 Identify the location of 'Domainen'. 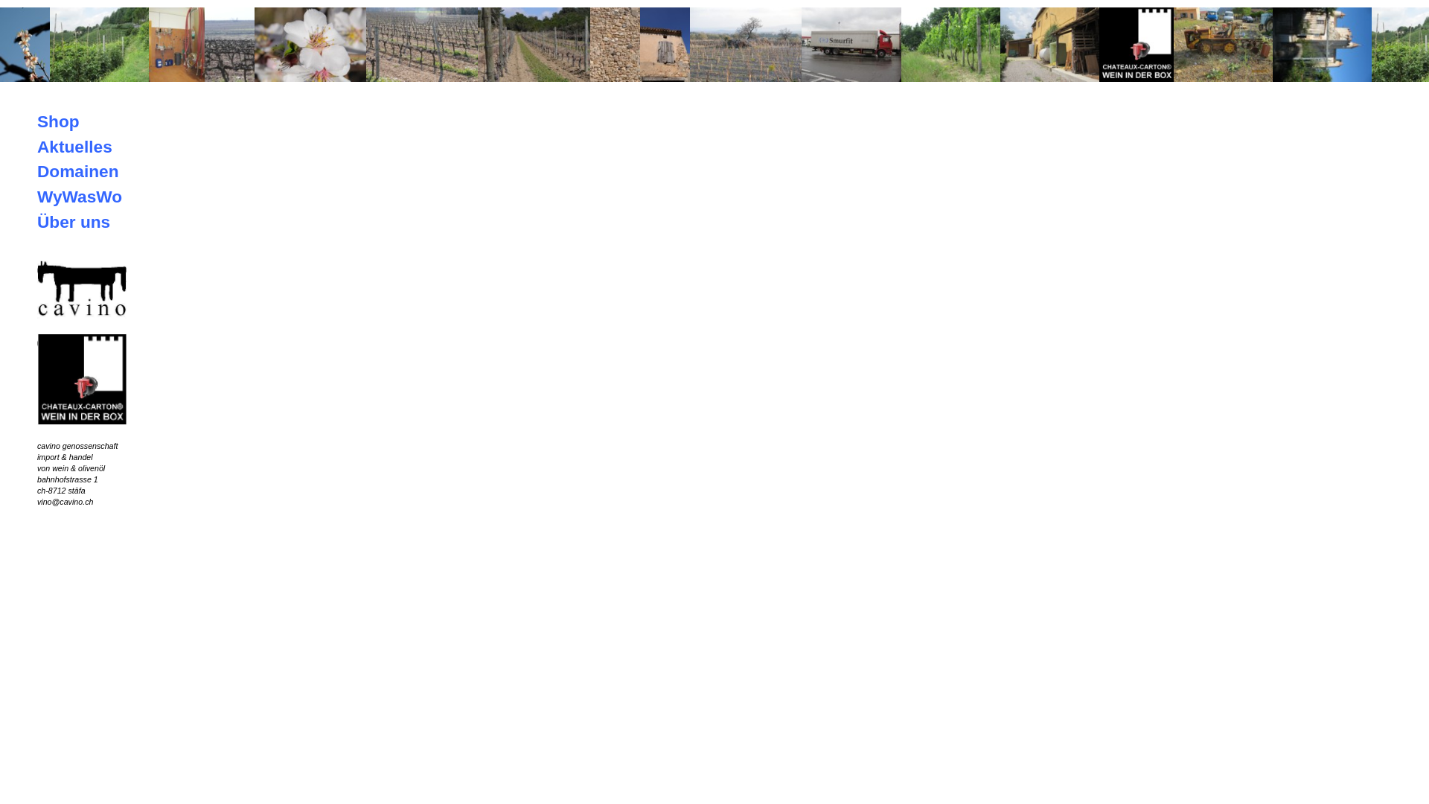
(77, 170).